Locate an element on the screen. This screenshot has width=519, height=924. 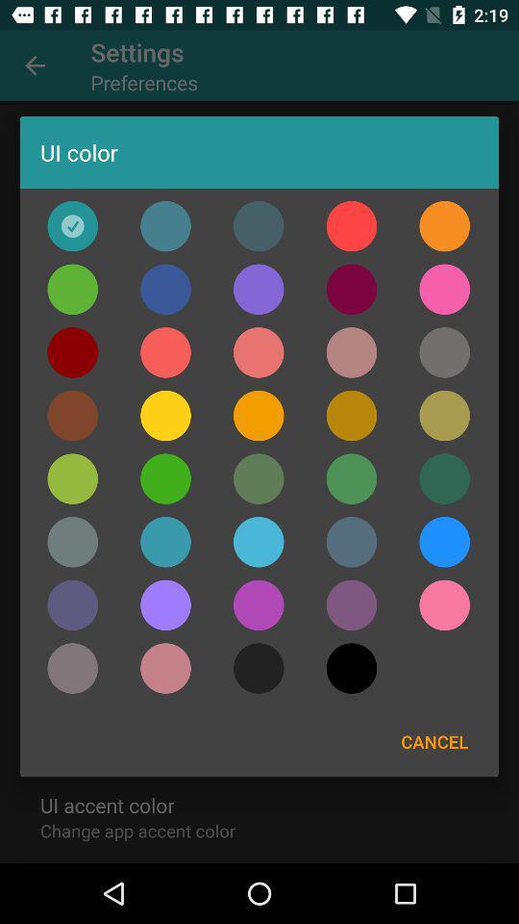
ui color blue is located at coordinates (444, 542).